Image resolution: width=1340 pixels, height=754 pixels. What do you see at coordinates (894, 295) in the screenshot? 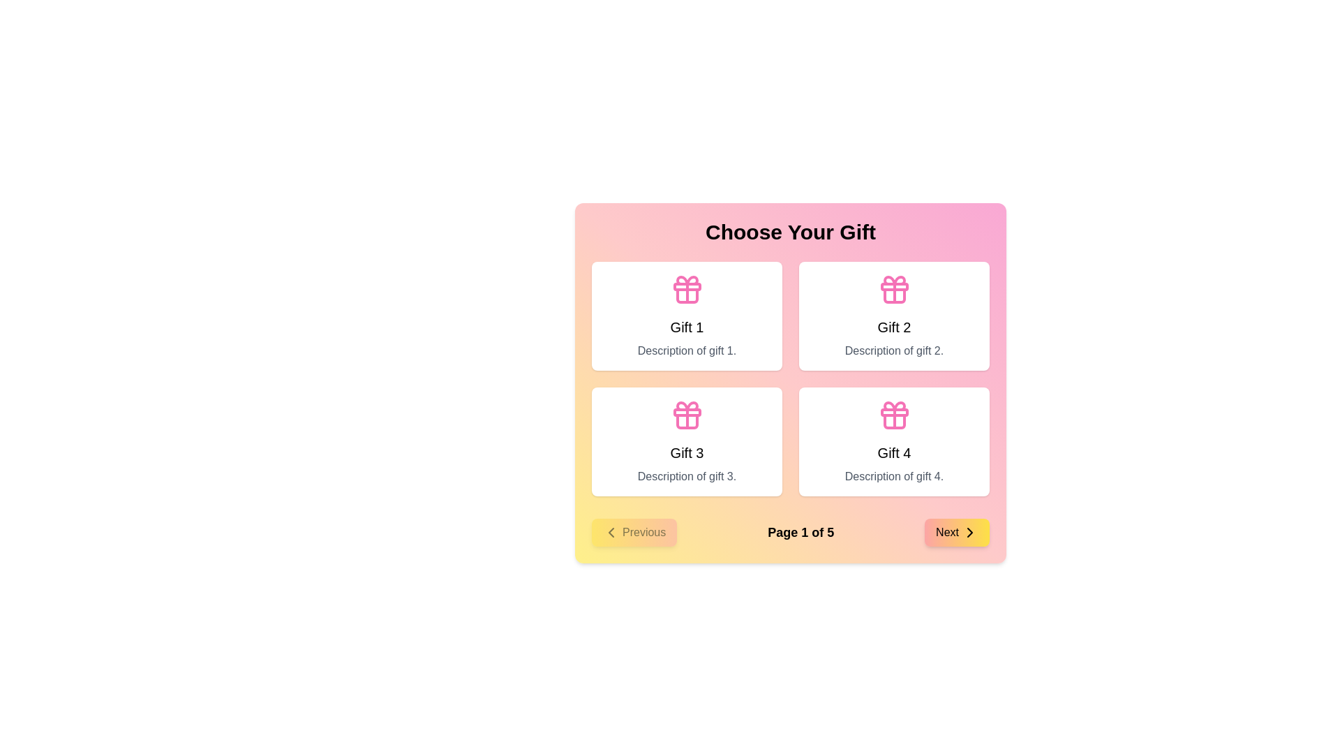
I see `the 'Gift 2' icon element which is part of the gift options grid, located in the second column of the top row` at bounding box center [894, 295].